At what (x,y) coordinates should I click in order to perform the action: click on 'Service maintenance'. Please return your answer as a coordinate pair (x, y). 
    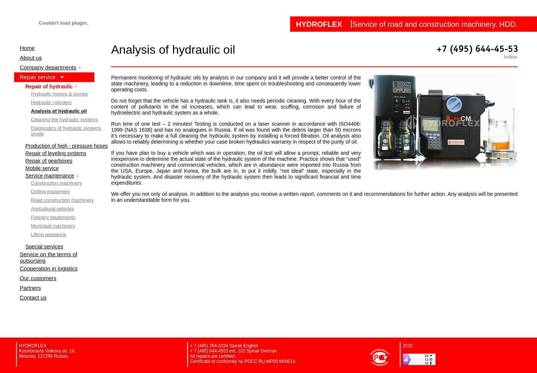
    Looking at the image, I should click on (49, 175).